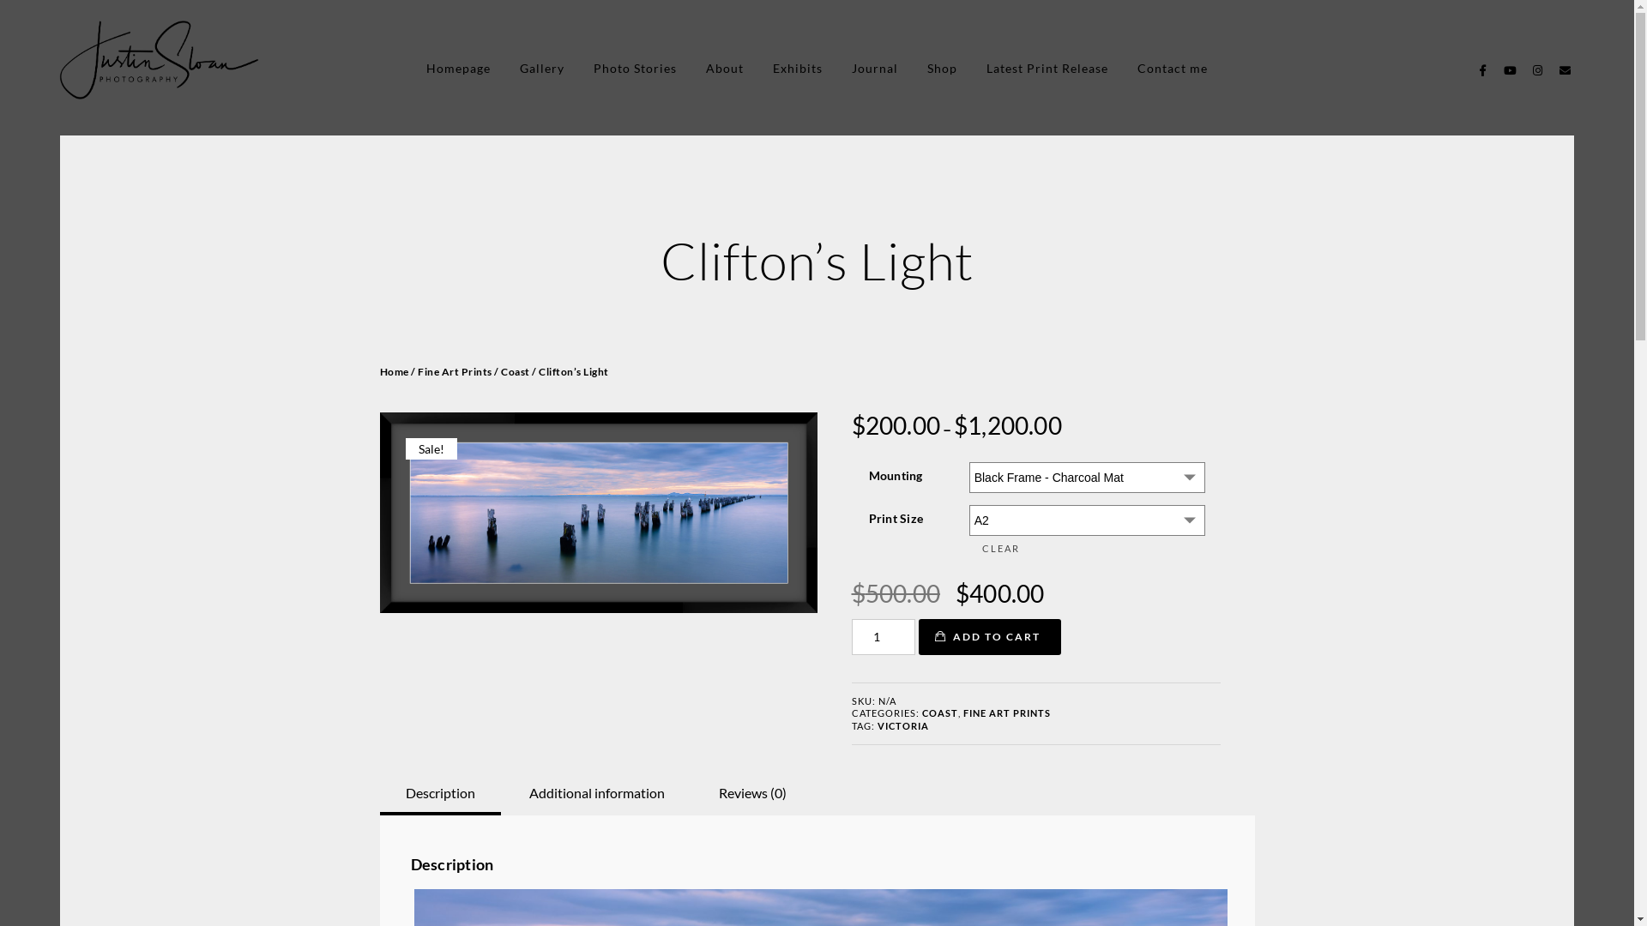  Describe the element at coordinates (938, 713) in the screenshot. I see `'COAST'` at that location.